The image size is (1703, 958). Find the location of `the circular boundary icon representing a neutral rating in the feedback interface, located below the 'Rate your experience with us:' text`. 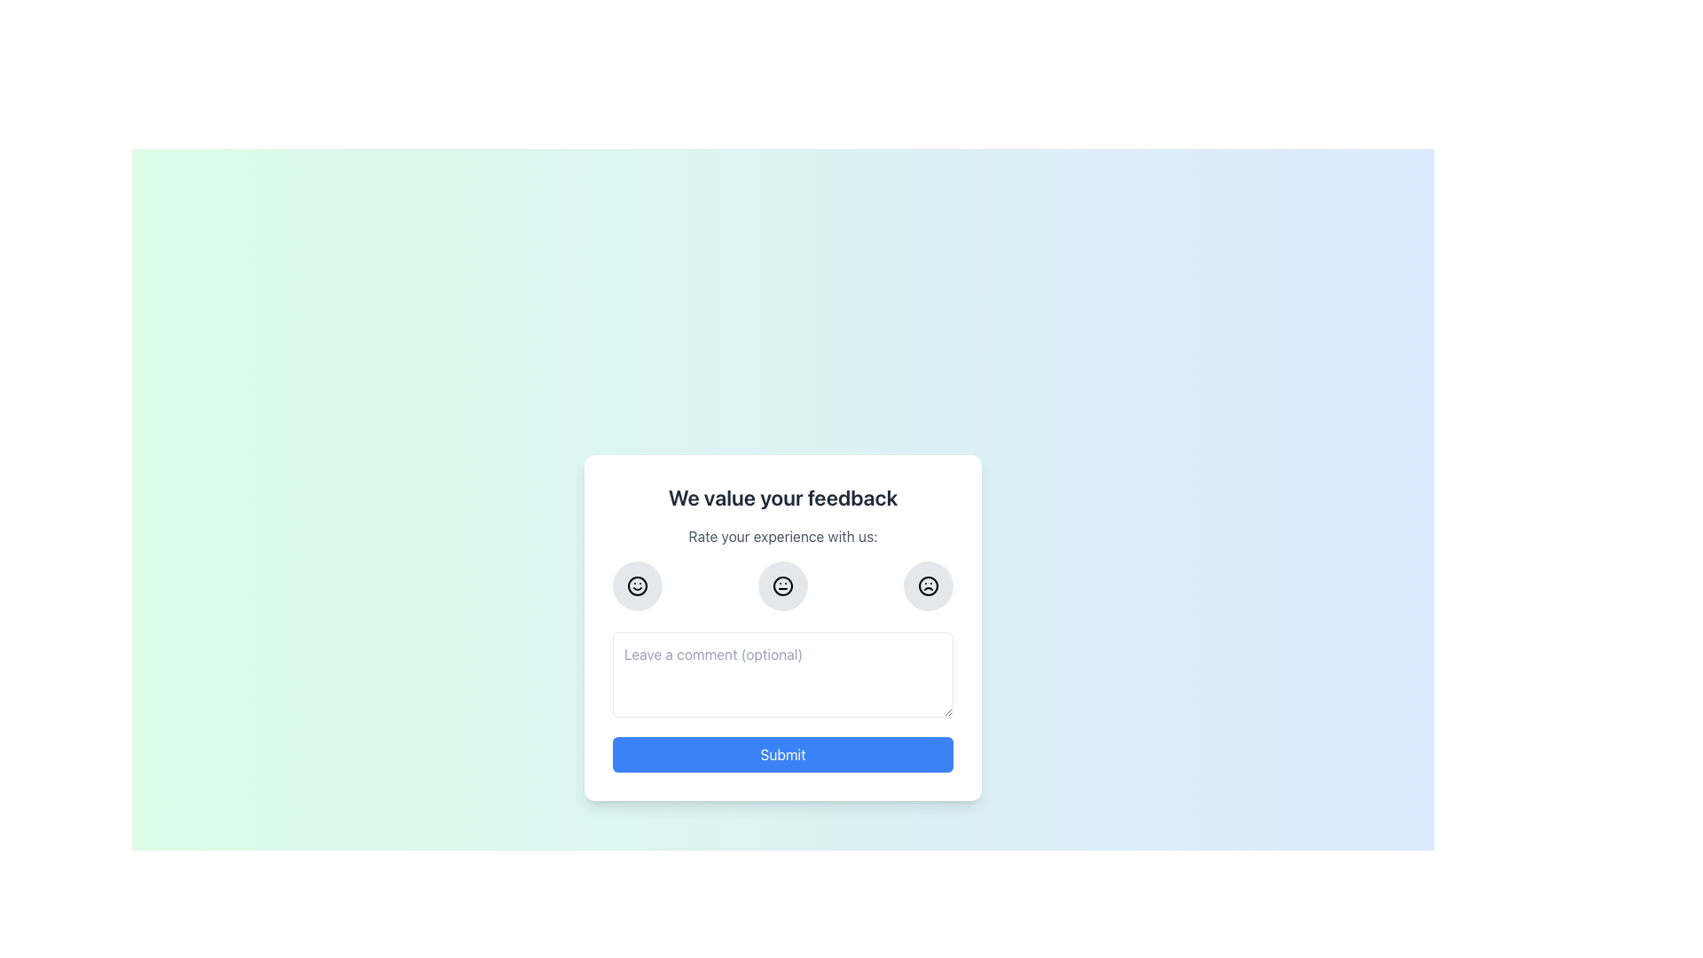

the circular boundary icon representing a neutral rating in the feedback interface, located below the 'Rate your experience with us:' text is located at coordinates (782, 585).